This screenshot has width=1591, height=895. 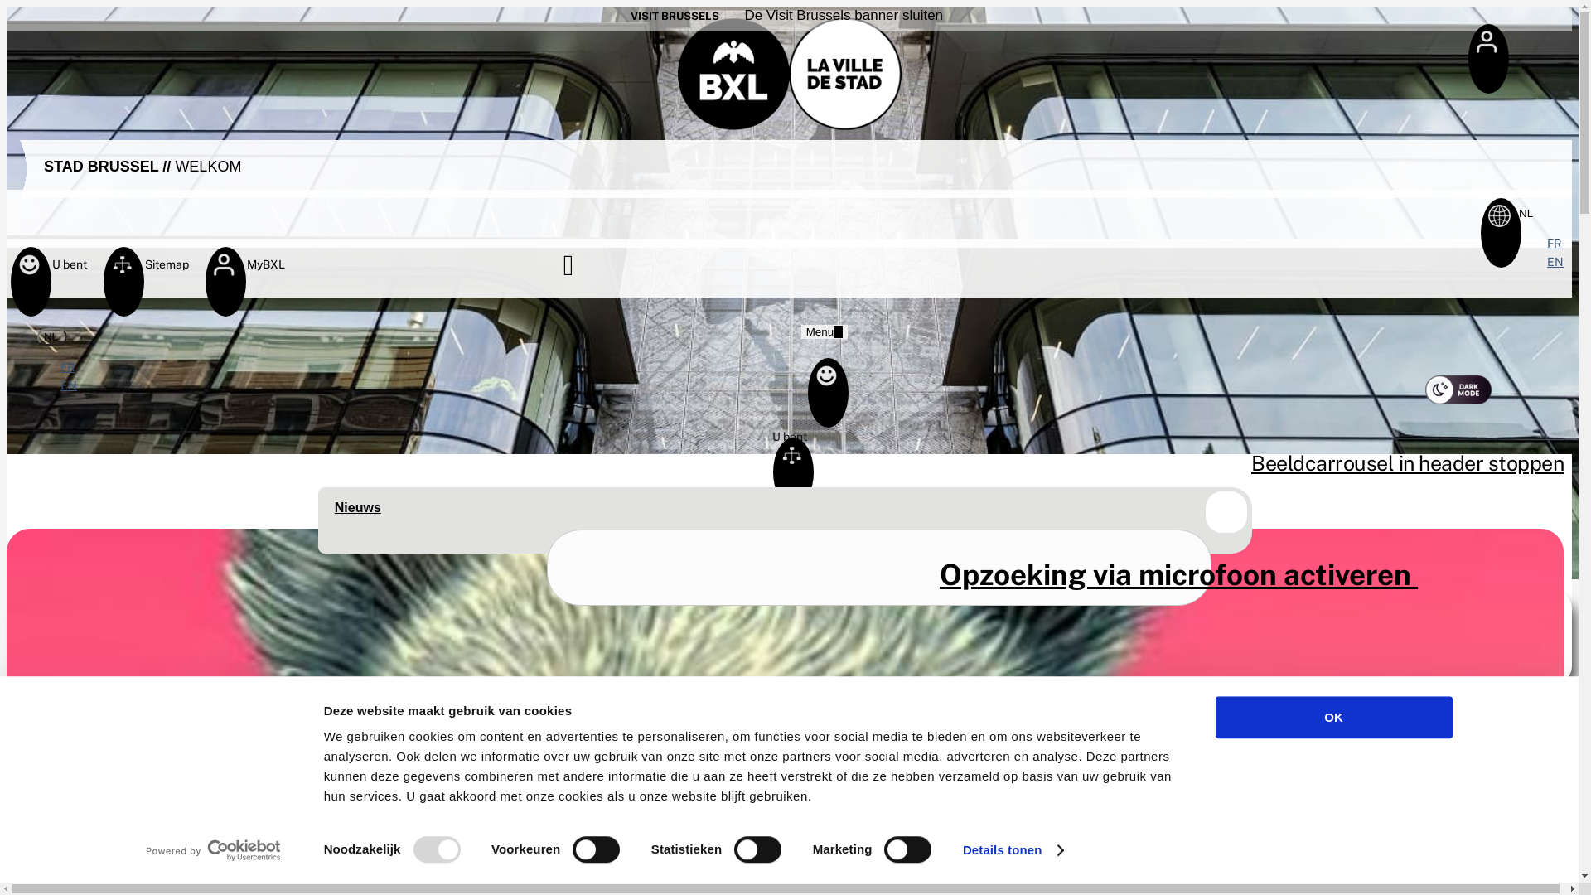 I want to click on 'OK', so click(x=1332, y=716).